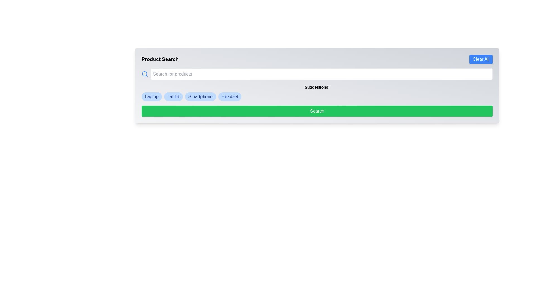 This screenshot has width=536, height=301. What do you see at coordinates (317, 92) in the screenshot?
I see `the suggestion items in the Information display labeled 'Suggestions:'` at bounding box center [317, 92].